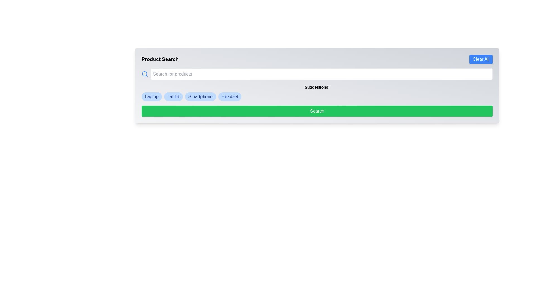 This screenshot has width=536, height=301. What do you see at coordinates (317, 92) in the screenshot?
I see `the suggestion items in the Information display labeled 'Suggestions:'` at bounding box center [317, 92].